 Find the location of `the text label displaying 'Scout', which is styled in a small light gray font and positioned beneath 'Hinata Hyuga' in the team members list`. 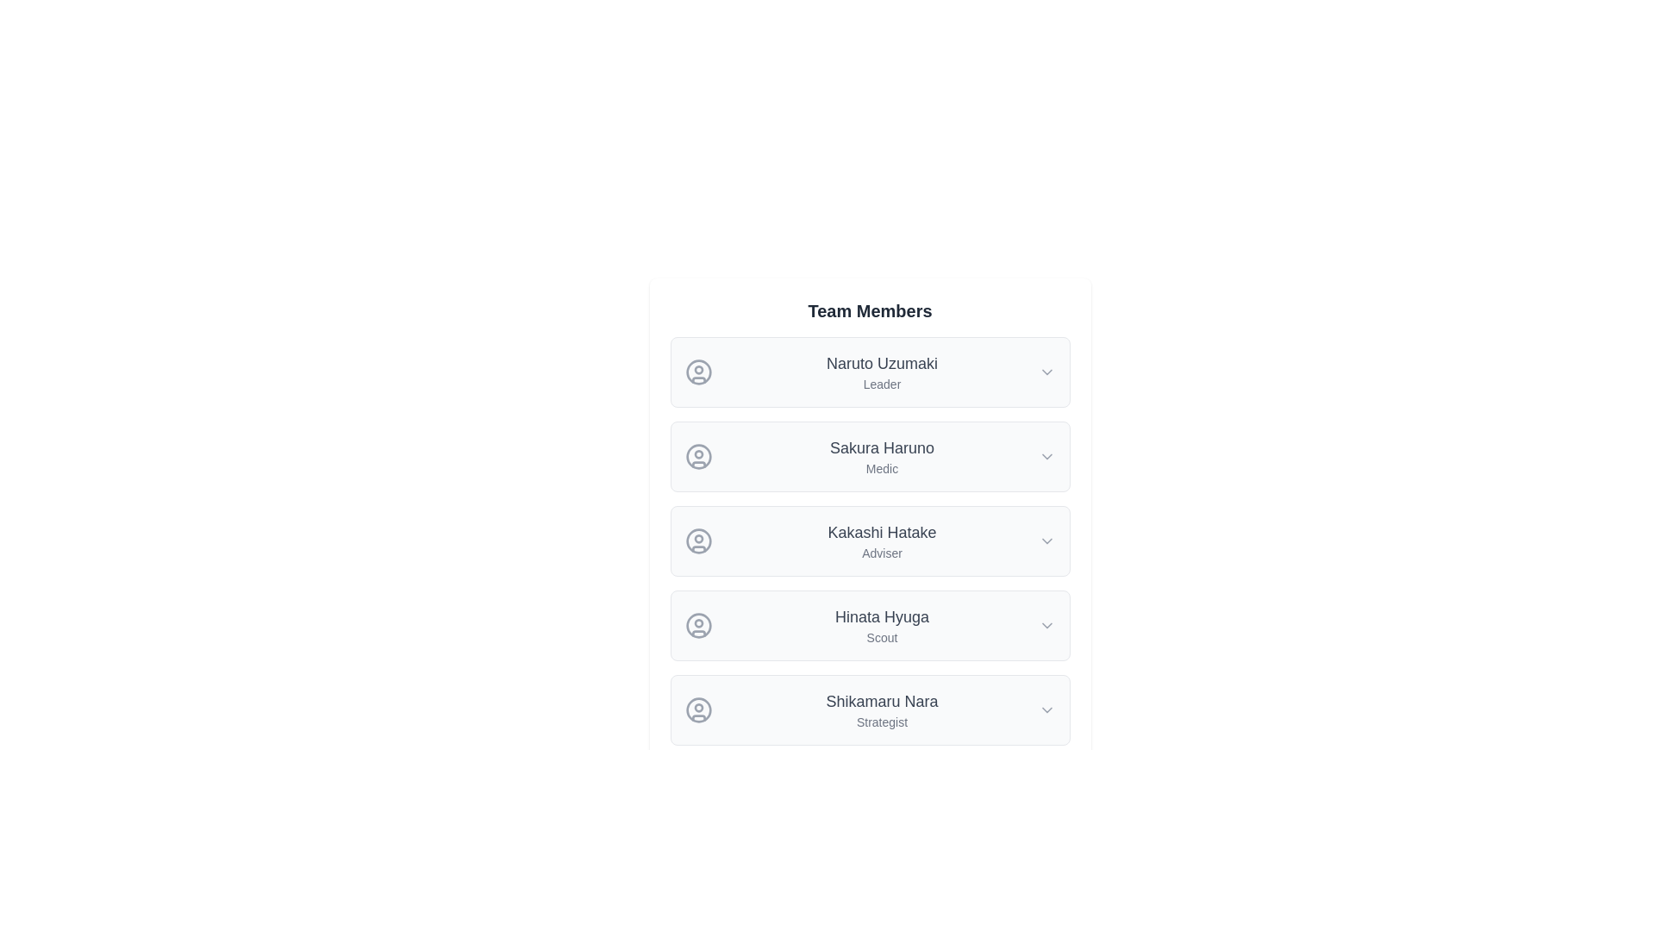

the text label displaying 'Scout', which is styled in a small light gray font and positioned beneath 'Hinata Hyuga' in the team members list is located at coordinates (882, 638).